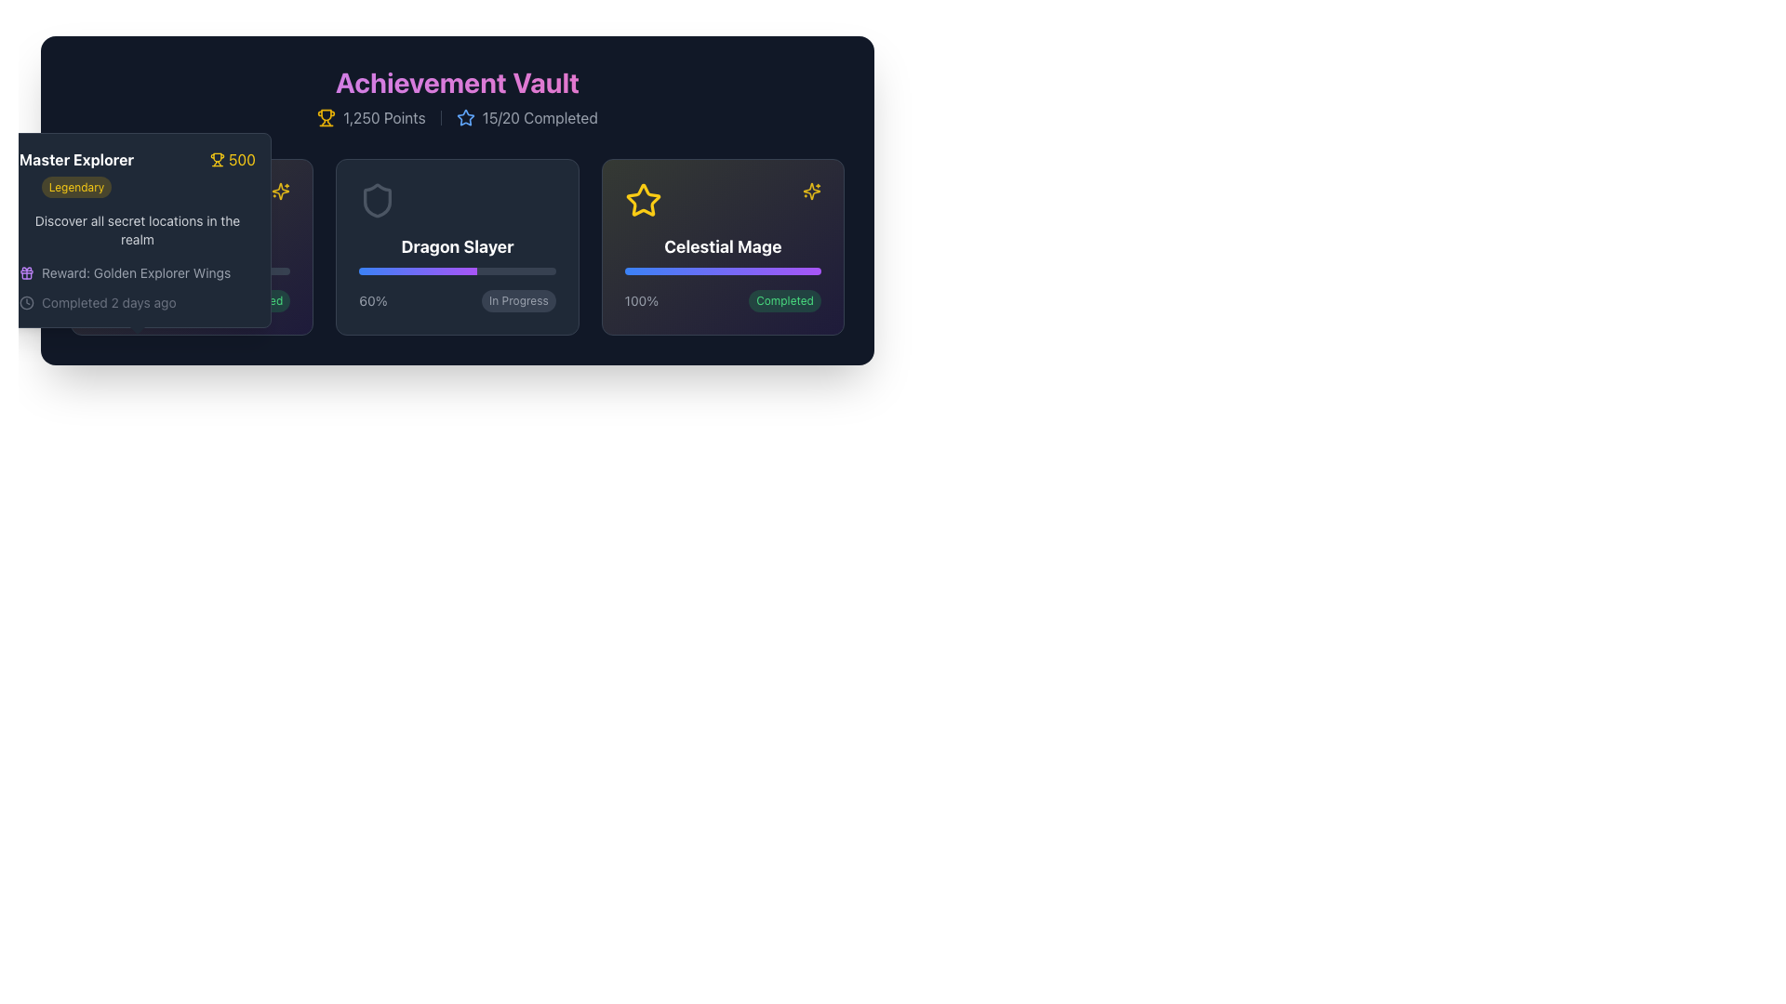  What do you see at coordinates (722, 246) in the screenshot?
I see `the achievement card located below the 'Achievement Vault' text, which is the third card in the grid and positioned next to the 'Dragon Slayer' card` at bounding box center [722, 246].